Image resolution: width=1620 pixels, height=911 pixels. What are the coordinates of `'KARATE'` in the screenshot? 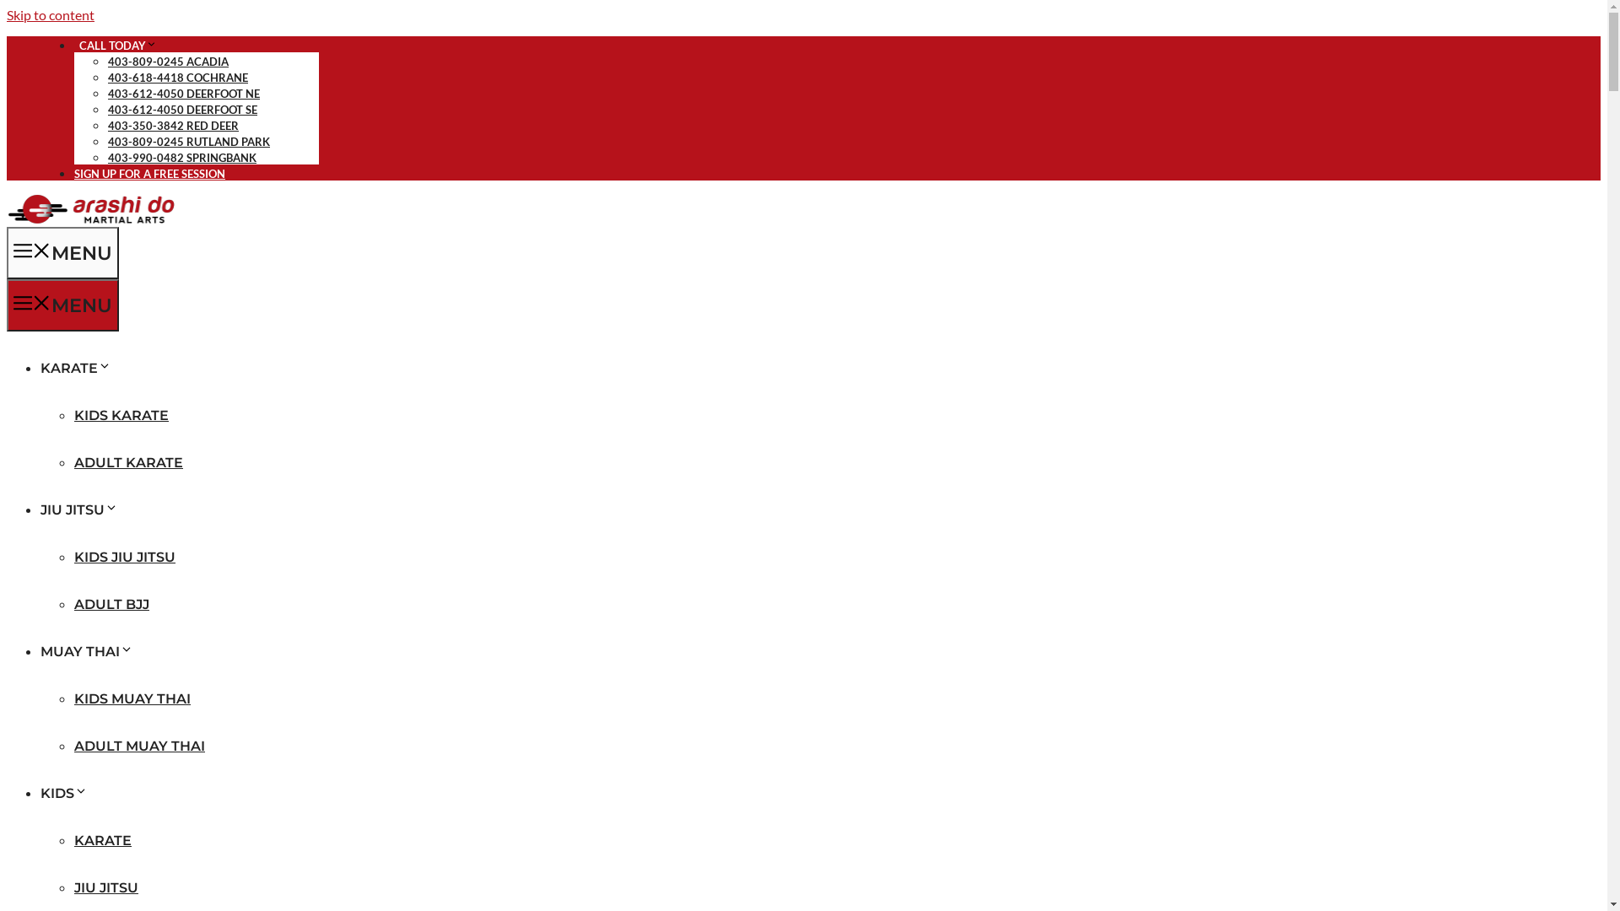 It's located at (75, 367).